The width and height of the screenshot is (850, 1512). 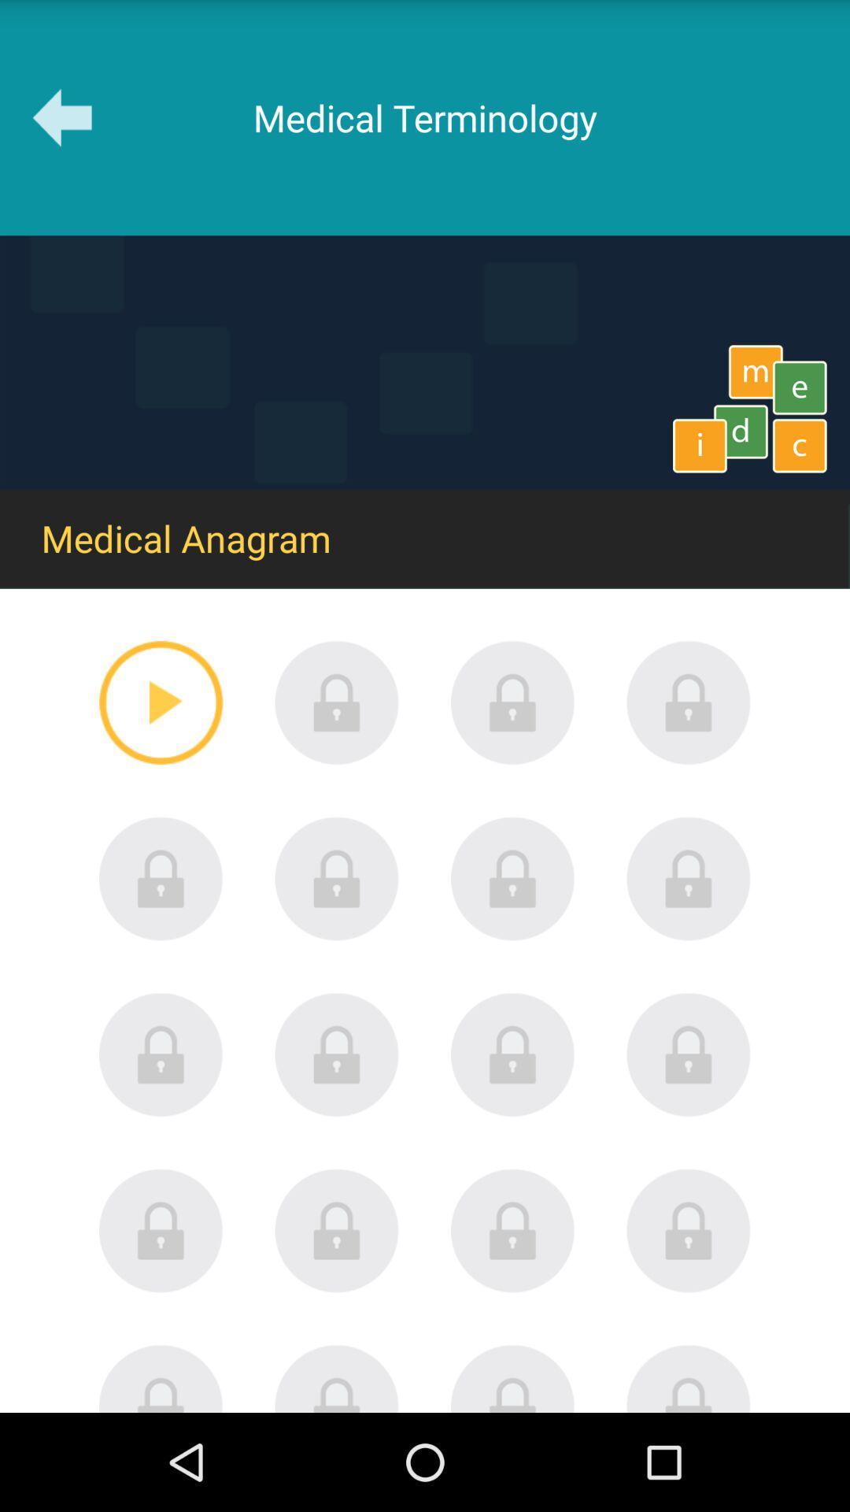 What do you see at coordinates (512, 702) in the screenshot?
I see `lock` at bounding box center [512, 702].